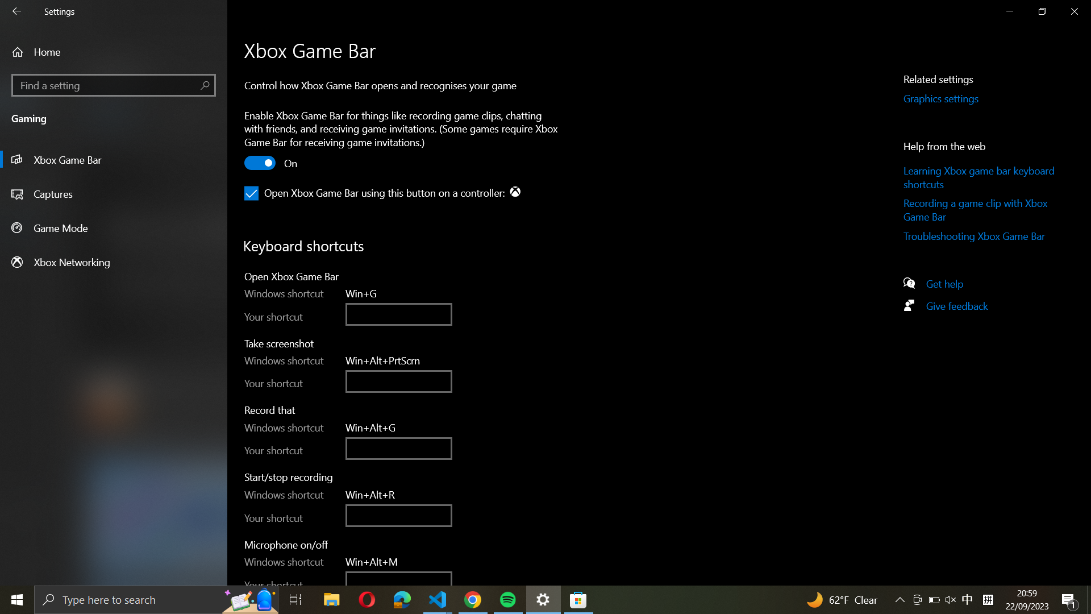 The image size is (1091, 614). What do you see at coordinates (950, 282) in the screenshot?
I see `the Help section` at bounding box center [950, 282].